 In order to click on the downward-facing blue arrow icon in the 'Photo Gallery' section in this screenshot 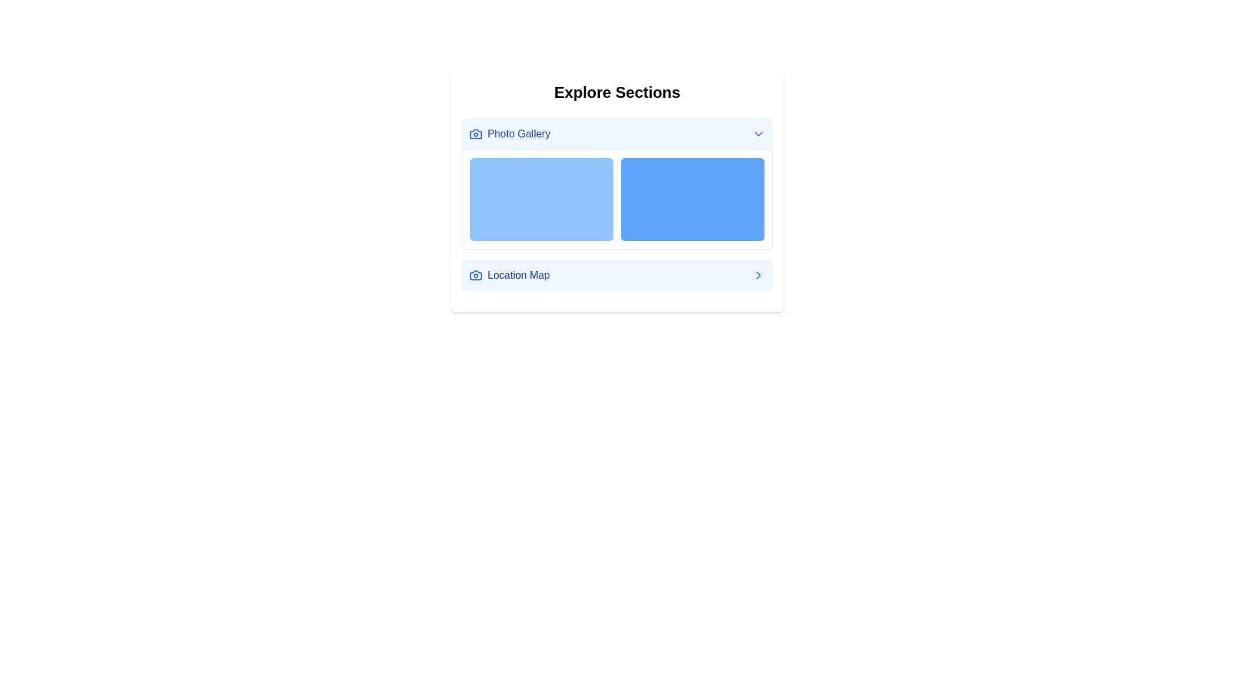, I will do `click(759, 134)`.